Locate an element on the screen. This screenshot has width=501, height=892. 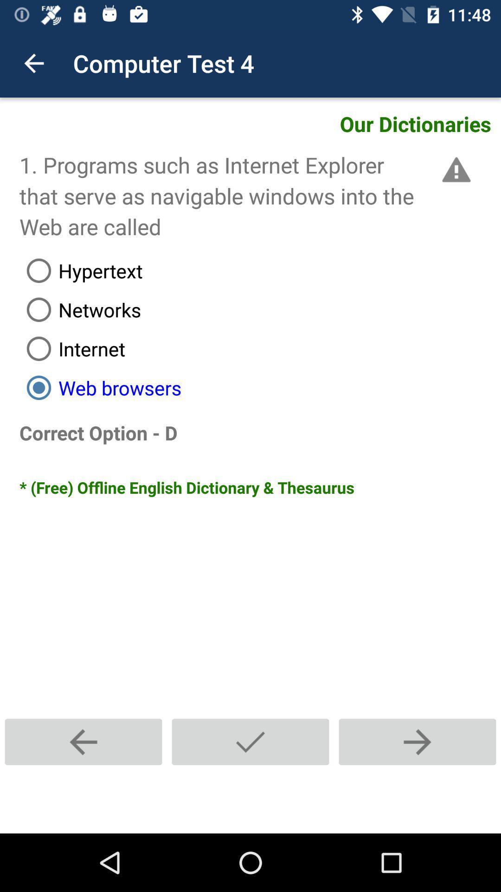
icon below free offline english is located at coordinates (83, 741).